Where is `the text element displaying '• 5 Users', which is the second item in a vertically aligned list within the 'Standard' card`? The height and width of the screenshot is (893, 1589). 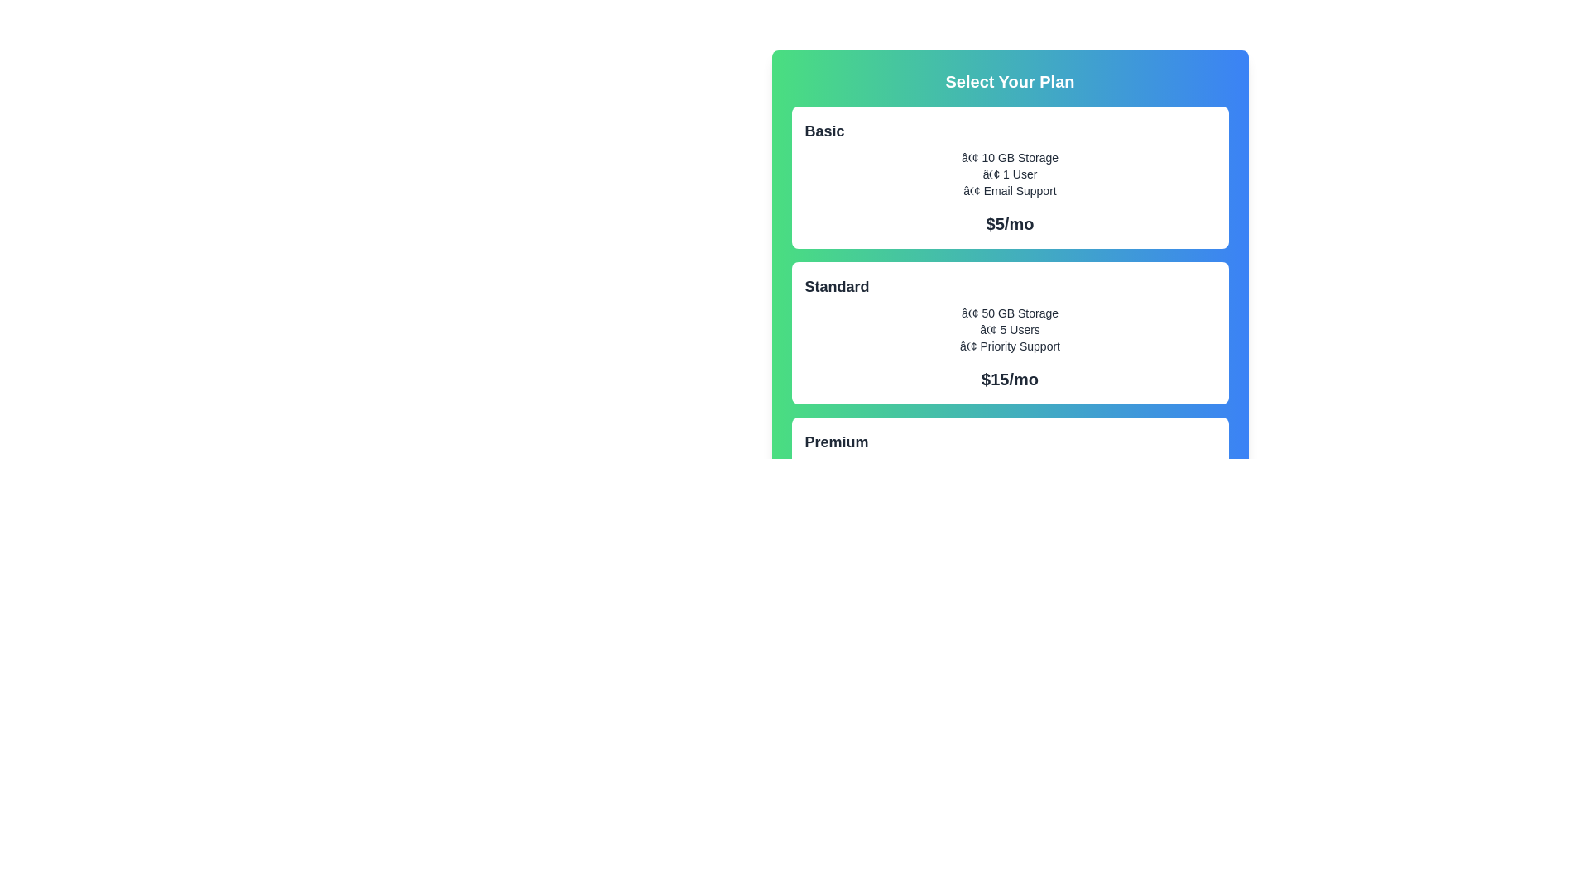
the text element displaying '• 5 Users', which is the second item in a vertically aligned list within the 'Standard' card is located at coordinates (1009, 329).